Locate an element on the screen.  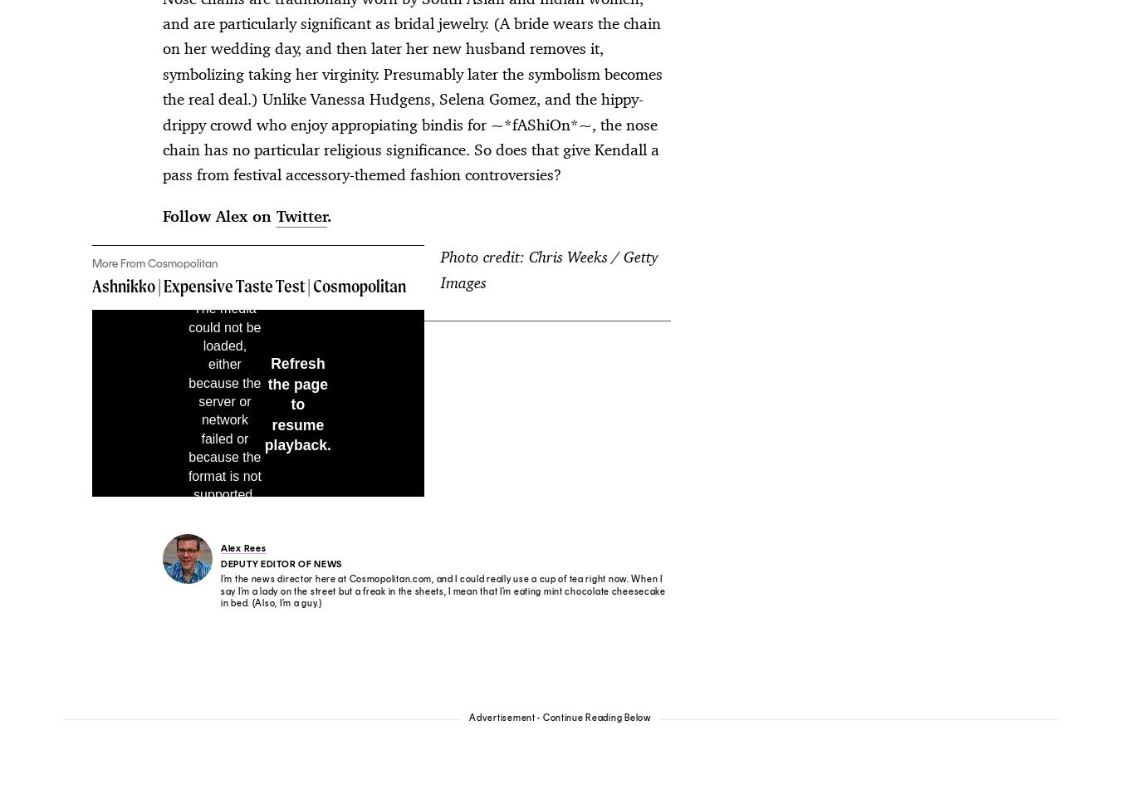
'Work For Cosmo' is located at coordinates (605, 563).